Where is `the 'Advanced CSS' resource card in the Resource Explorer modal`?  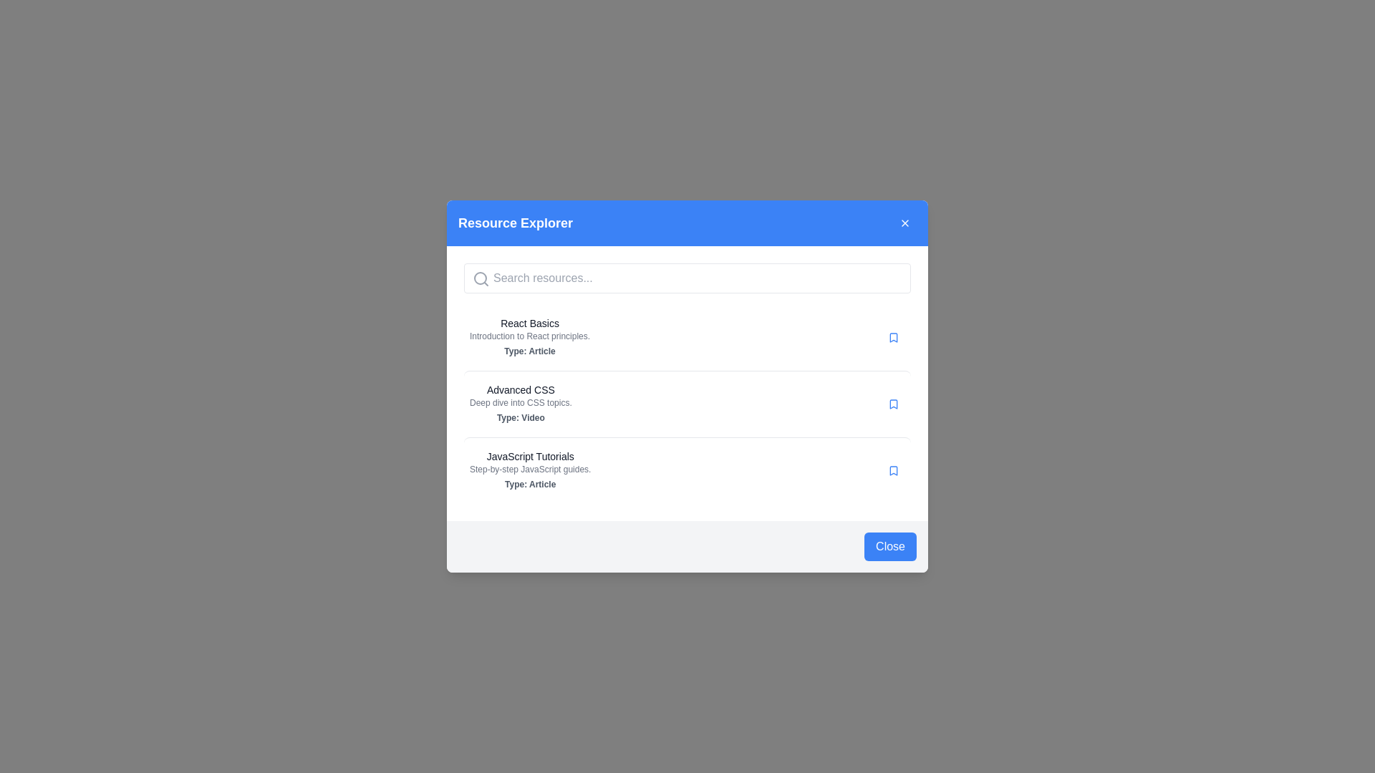
the 'Advanced CSS' resource card in the Resource Explorer modal is located at coordinates (687, 404).